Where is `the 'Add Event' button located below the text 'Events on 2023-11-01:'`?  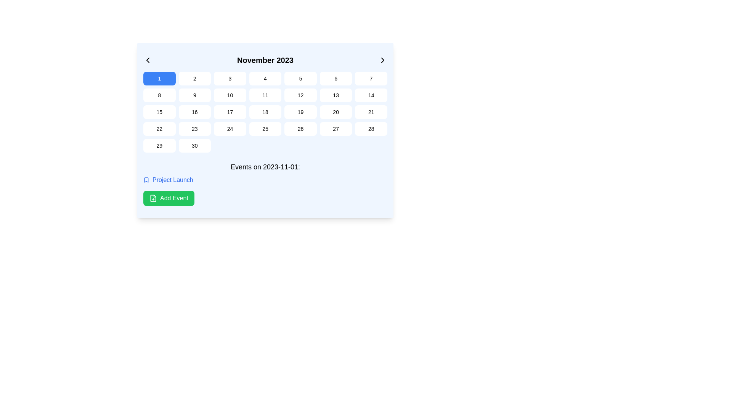 the 'Add Event' button located below the text 'Events on 2023-11-01:' is located at coordinates (168, 198).